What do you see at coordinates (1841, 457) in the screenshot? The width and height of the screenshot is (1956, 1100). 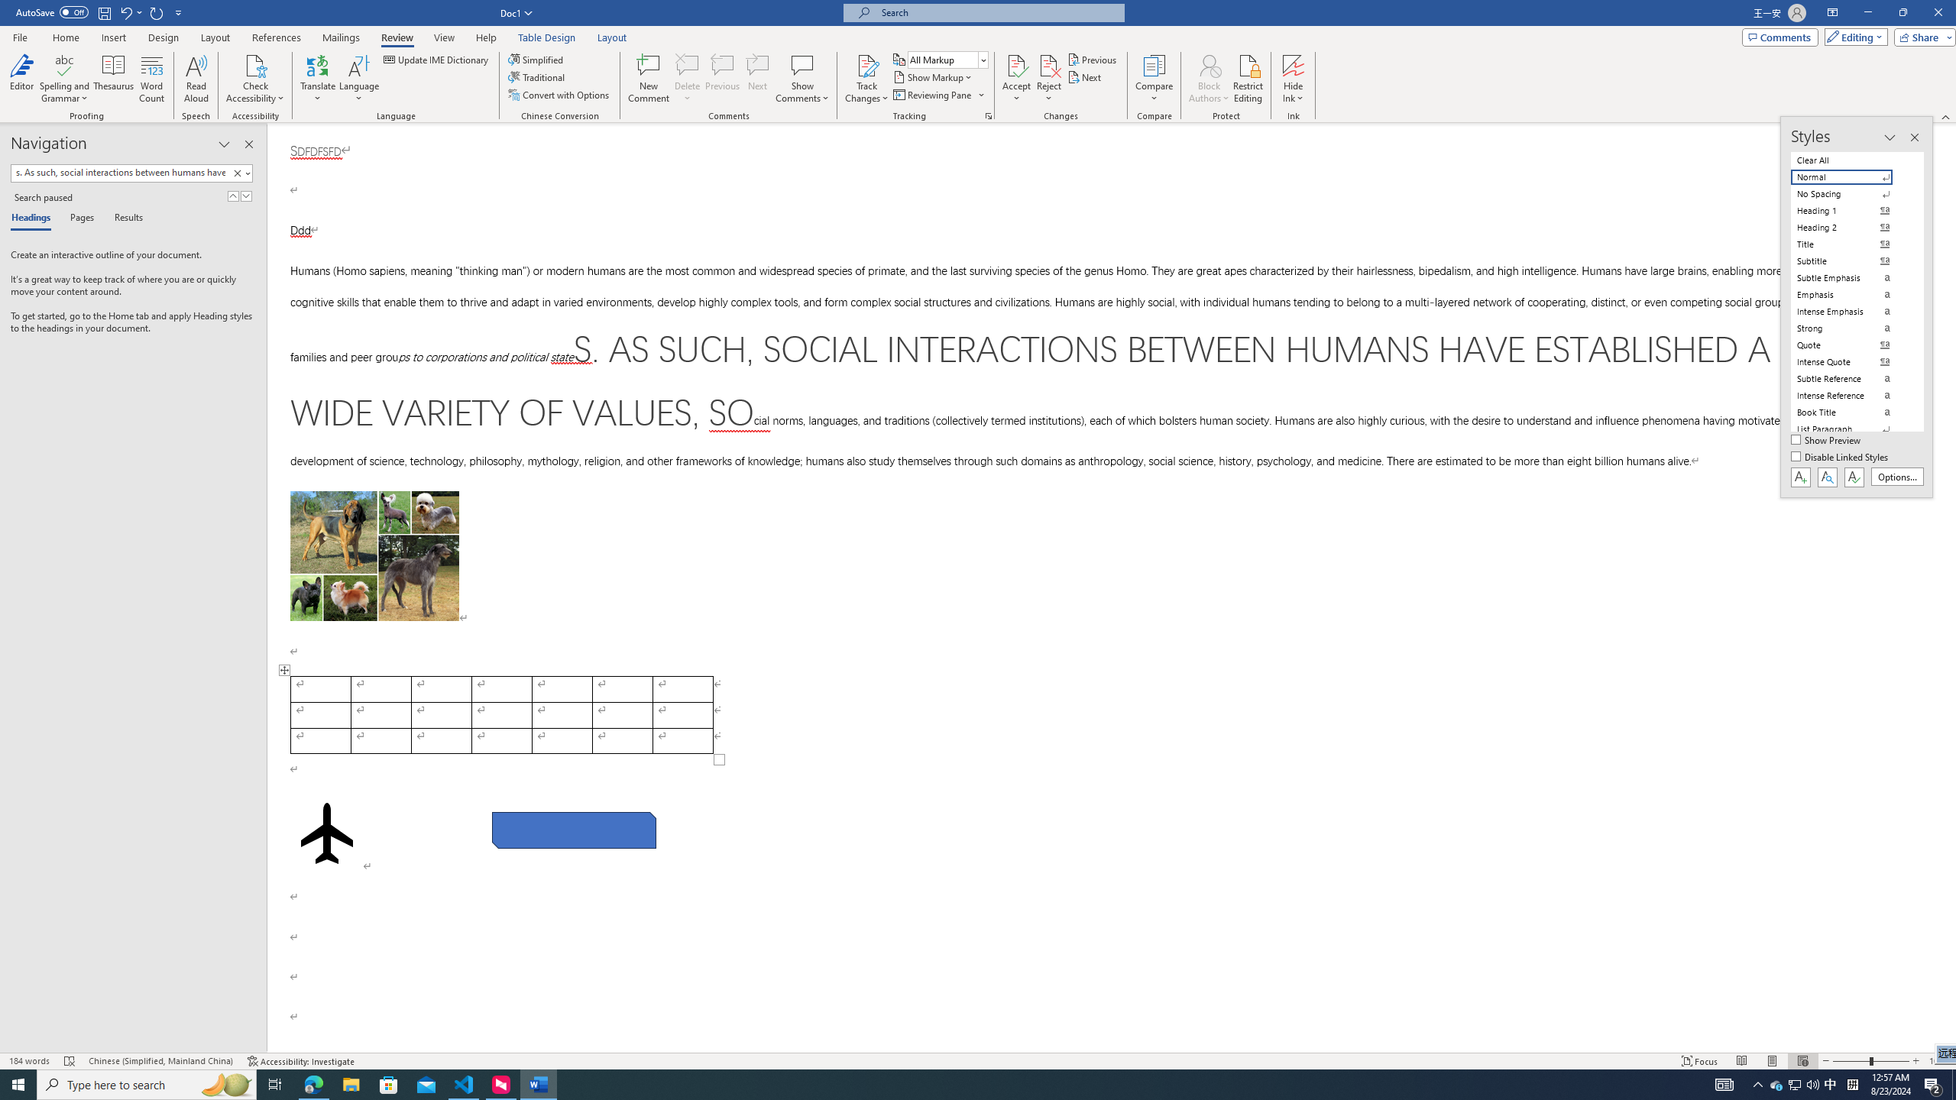 I see `'Disable Linked Styles'` at bounding box center [1841, 457].